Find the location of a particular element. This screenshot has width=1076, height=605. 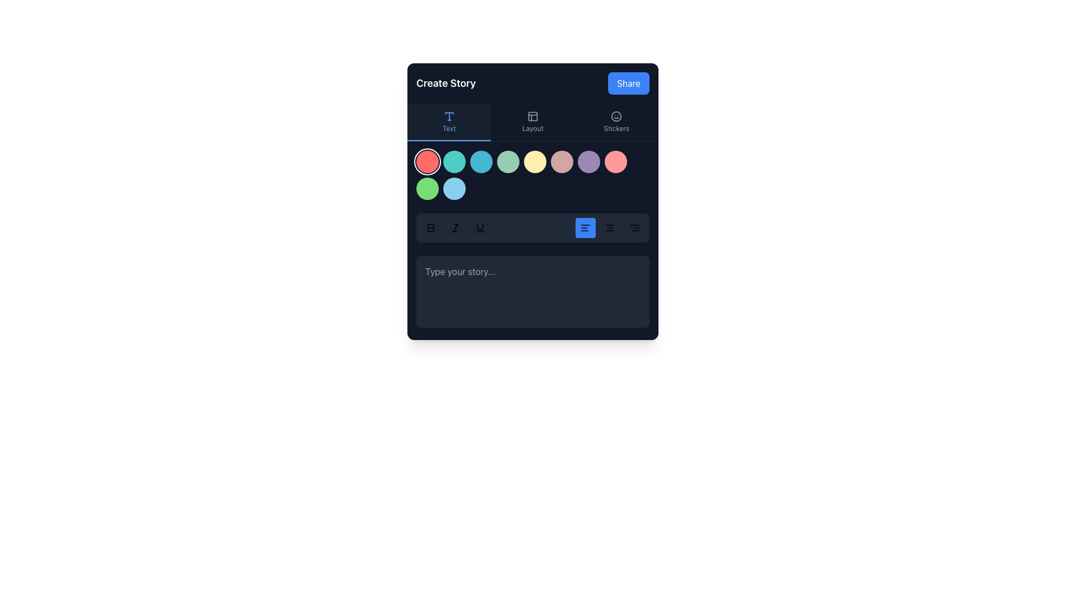

the formatting icons within the 'Create Story' card is located at coordinates (532, 201).